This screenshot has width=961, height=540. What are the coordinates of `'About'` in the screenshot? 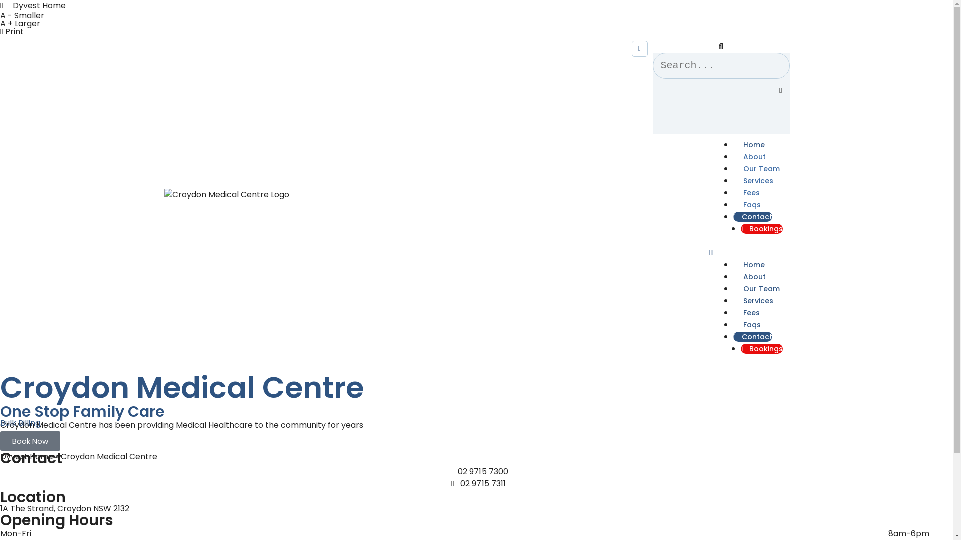 It's located at (754, 157).